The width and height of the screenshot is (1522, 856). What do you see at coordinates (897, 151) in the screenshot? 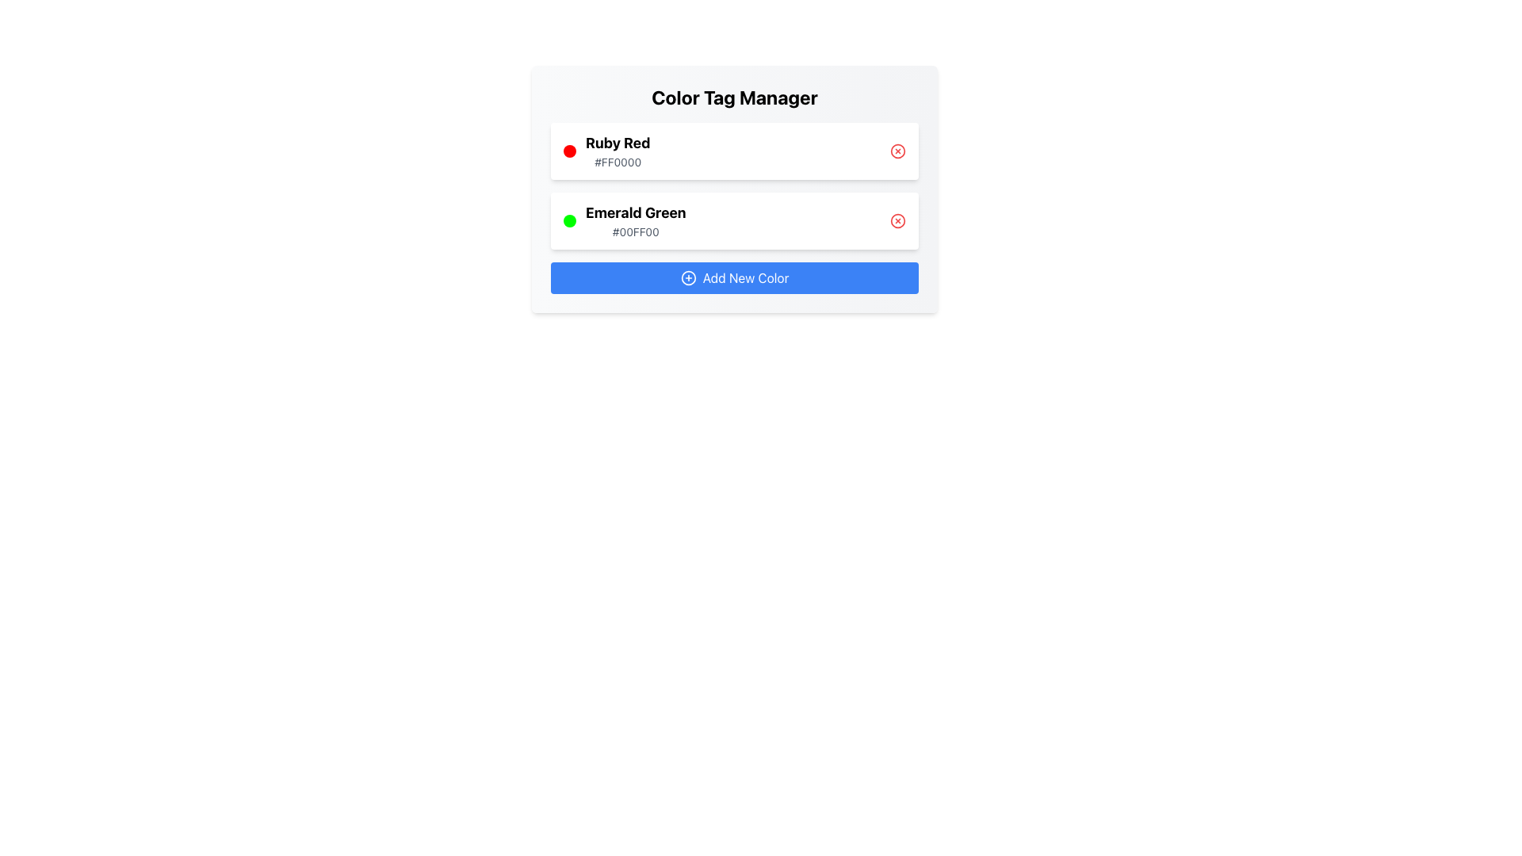
I see `the circular graphical element styled with a red color, which is centrally positioned within the close ('x') symbol icon, located to the right of the 'Ruby Red' color tag` at bounding box center [897, 151].